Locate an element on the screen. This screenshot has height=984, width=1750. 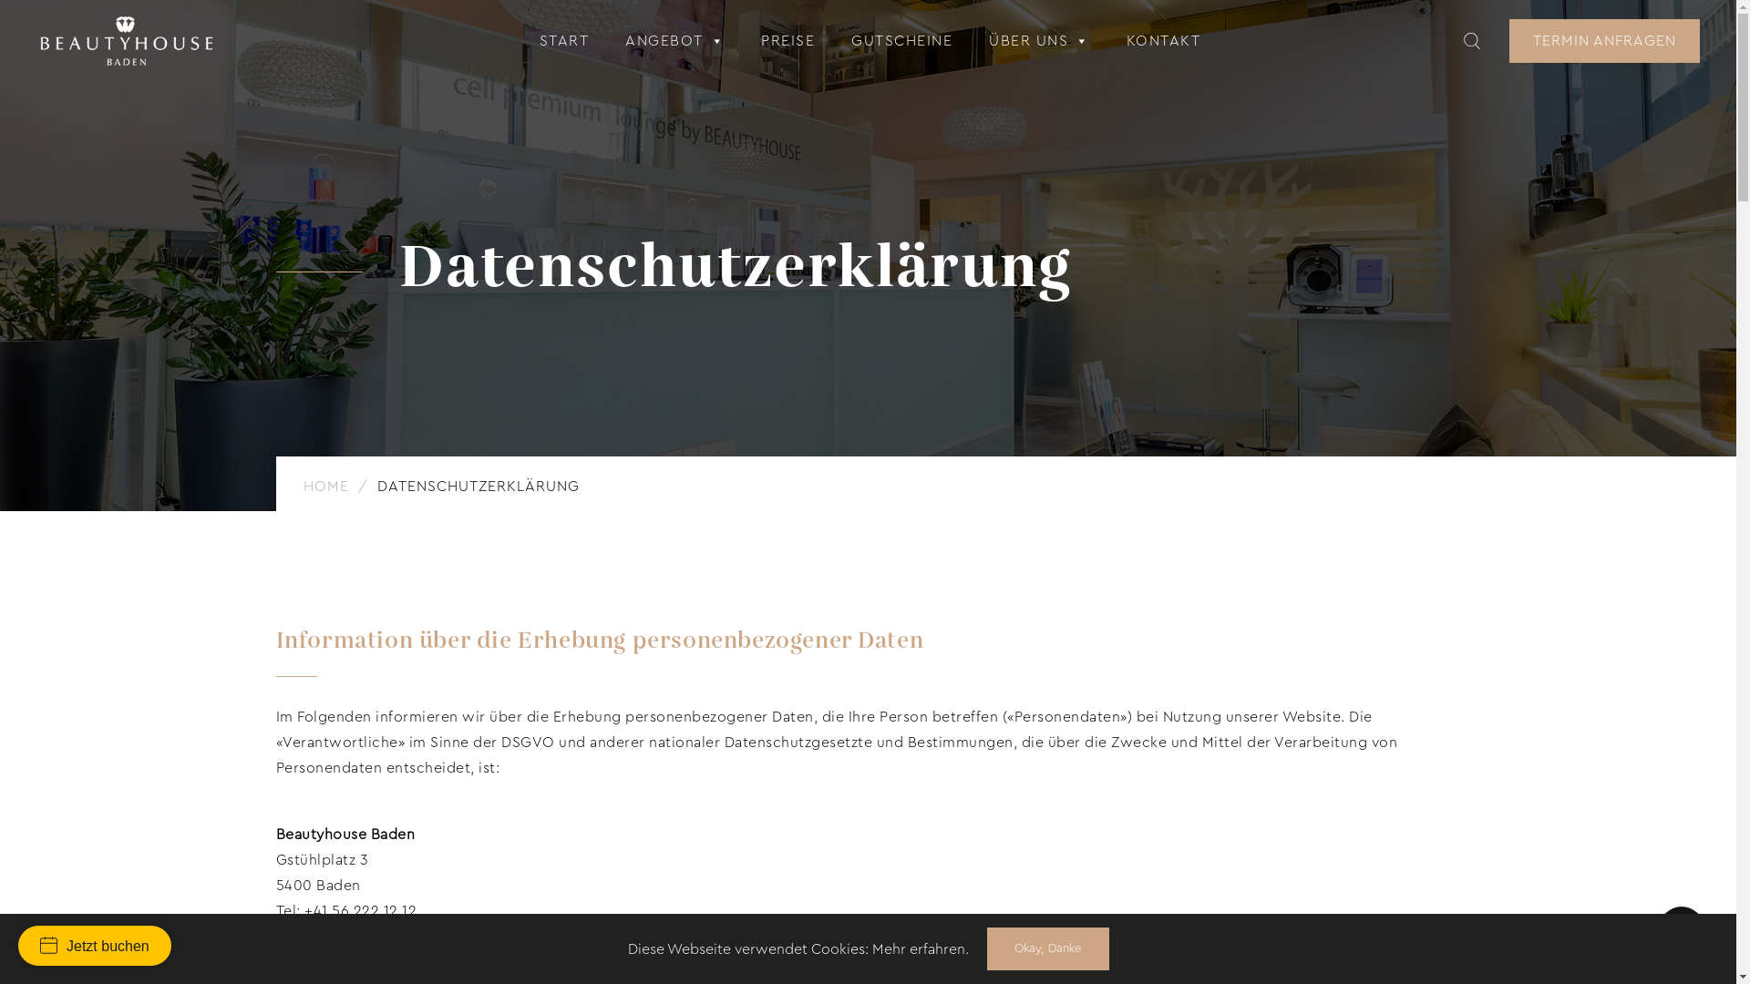
'PREISE' is located at coordinates (787, 41).